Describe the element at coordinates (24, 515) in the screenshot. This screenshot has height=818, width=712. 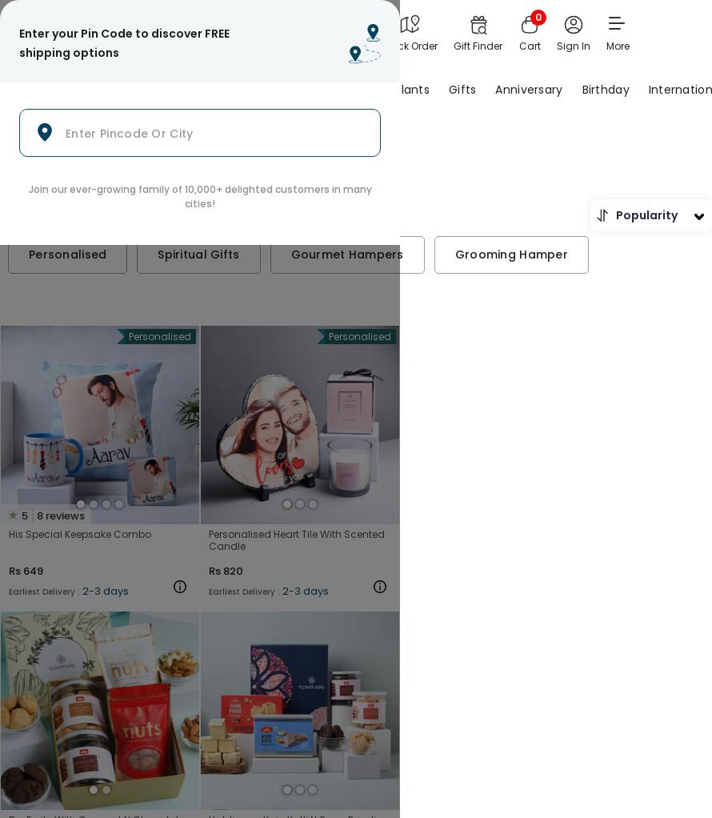
I see `'5'` at that location.